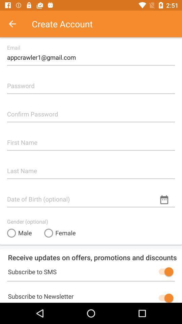  I want to click on space for birthdate, so click(91, 196).